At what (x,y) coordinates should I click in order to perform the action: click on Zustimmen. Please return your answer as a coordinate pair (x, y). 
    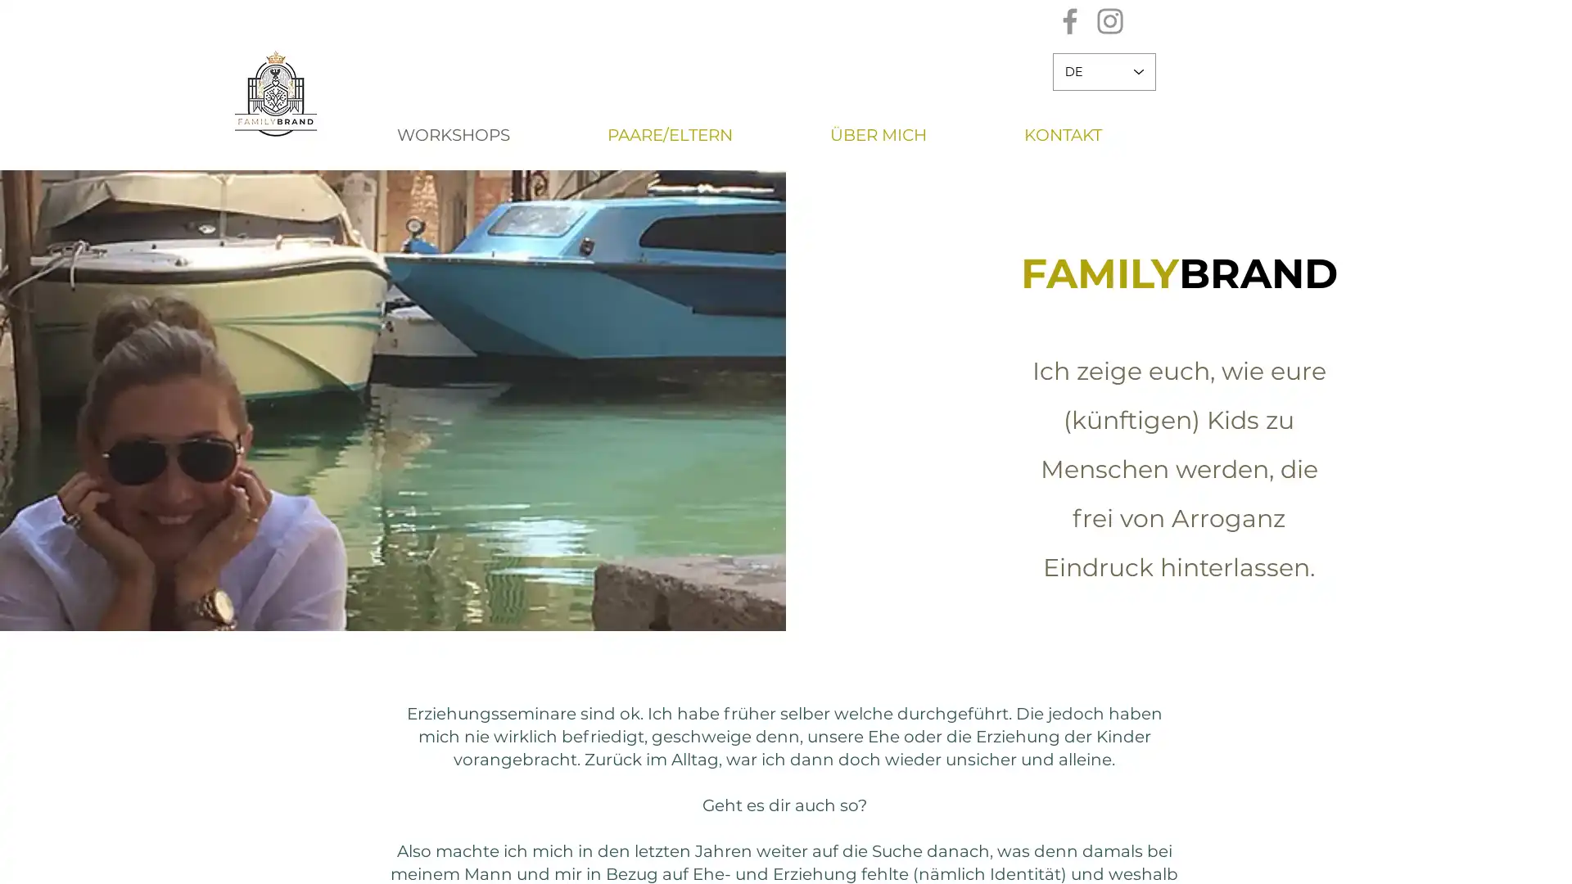
    Looking at the image, I should click on (1485, 857).